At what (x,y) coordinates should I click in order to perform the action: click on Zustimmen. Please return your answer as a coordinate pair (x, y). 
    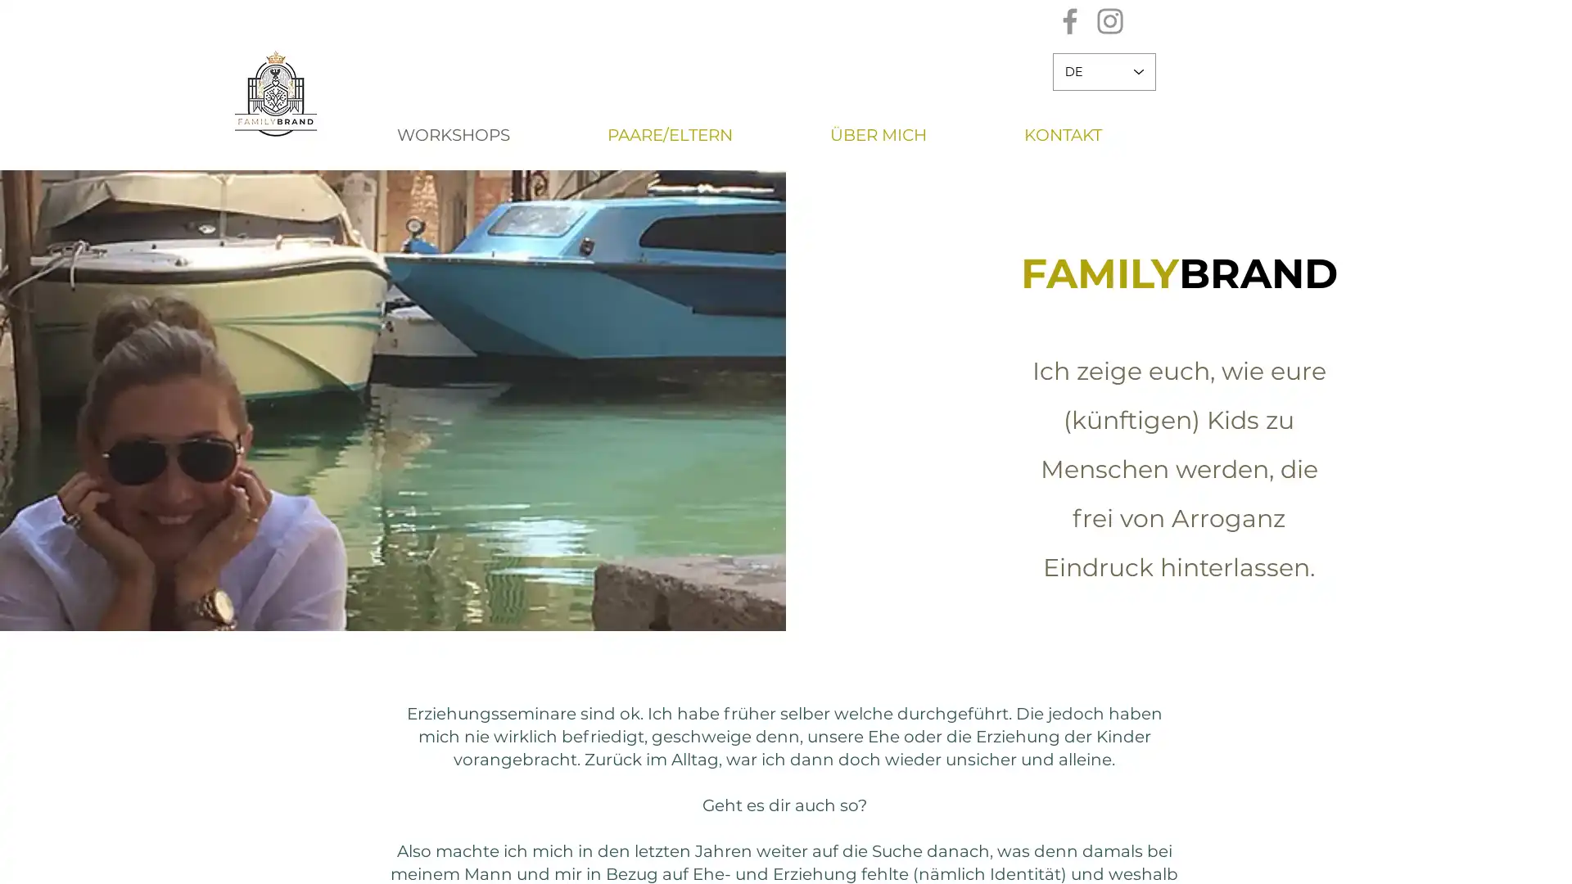
    Looking at the image, I should click on (1485, 857).